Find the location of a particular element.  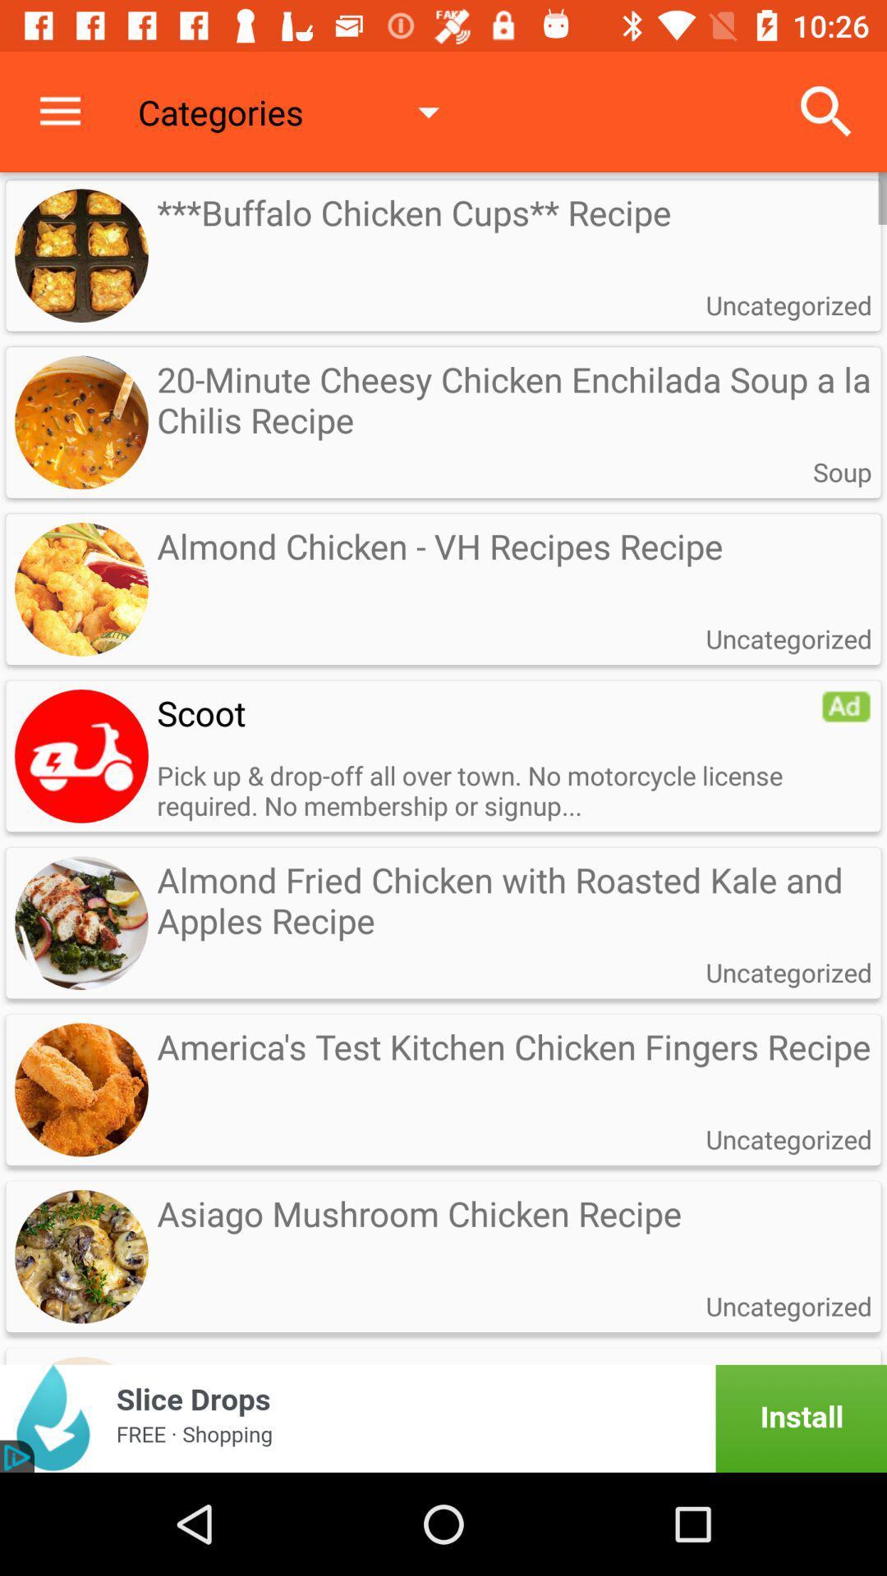

searching page is located at coordinates (81, 755).